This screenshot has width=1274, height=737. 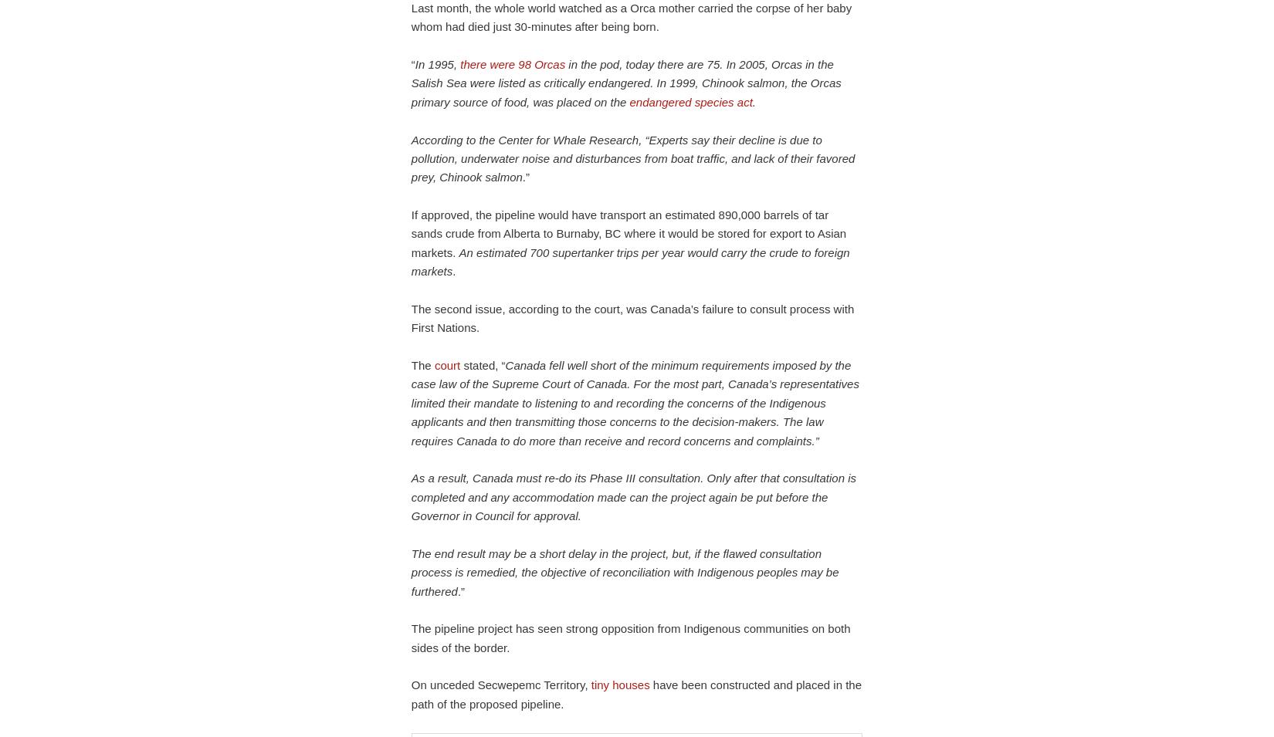 What do you see at coordinates (625, 82) in the screenshot?
I see `'in the pod, today there are 75. In 2005, Orcas in the Salish Sea were listed as critically endangered. In 1999, Chinook salmon, the Orcas primary source of food, was placed on the'` at bounding box center [625, 82].